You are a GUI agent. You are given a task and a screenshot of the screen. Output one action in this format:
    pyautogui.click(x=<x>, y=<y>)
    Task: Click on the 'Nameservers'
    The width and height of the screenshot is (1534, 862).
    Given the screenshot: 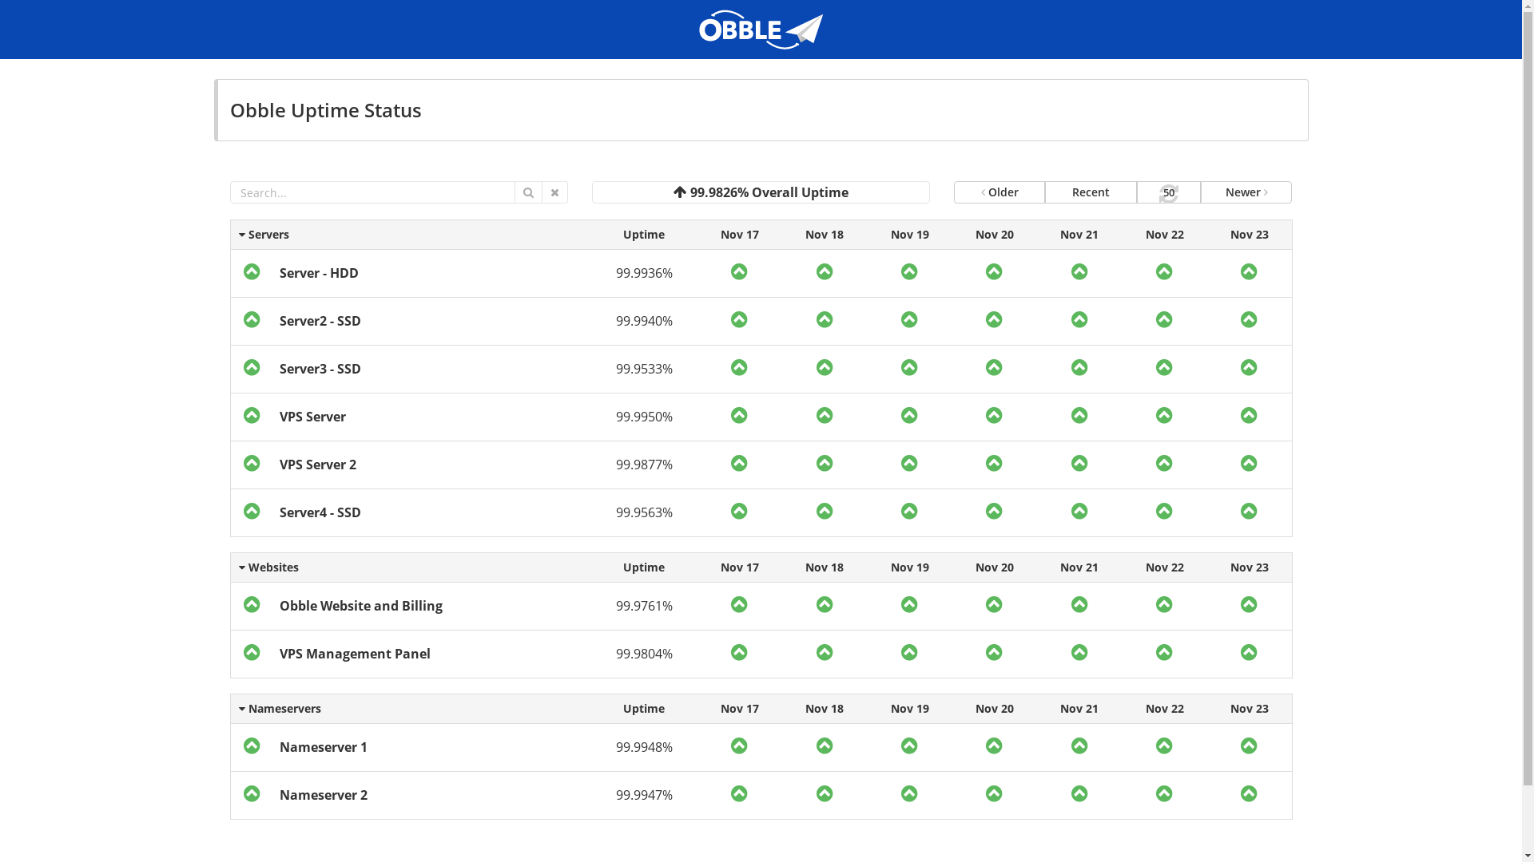 What is the action you would take?
    pyautogui.click(x=229, y=707)
    